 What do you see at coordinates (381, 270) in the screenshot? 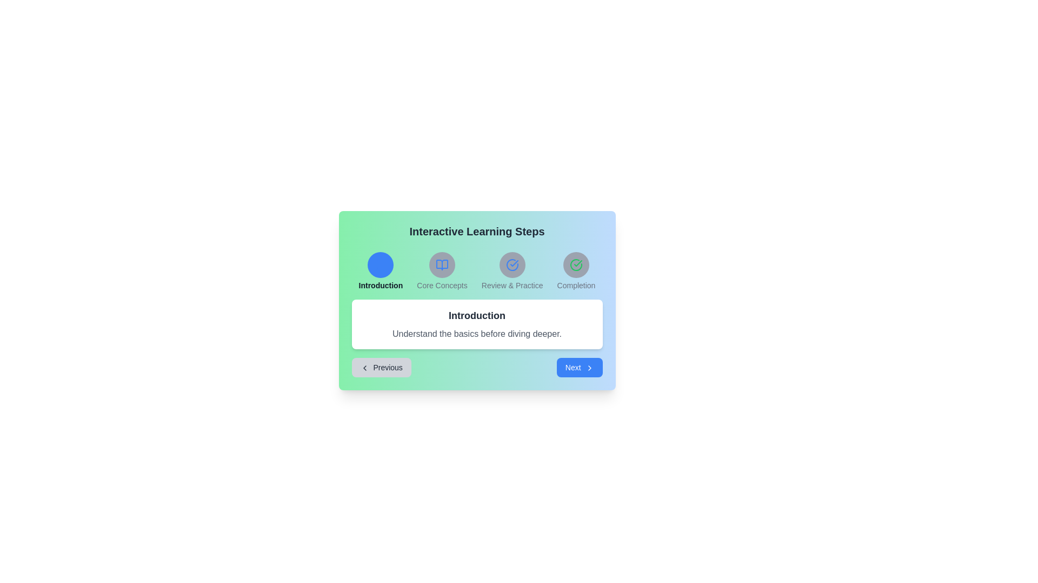
I see `the circular blue area of the 'Introduction' labeled icon` at bounding box center [381, 270].